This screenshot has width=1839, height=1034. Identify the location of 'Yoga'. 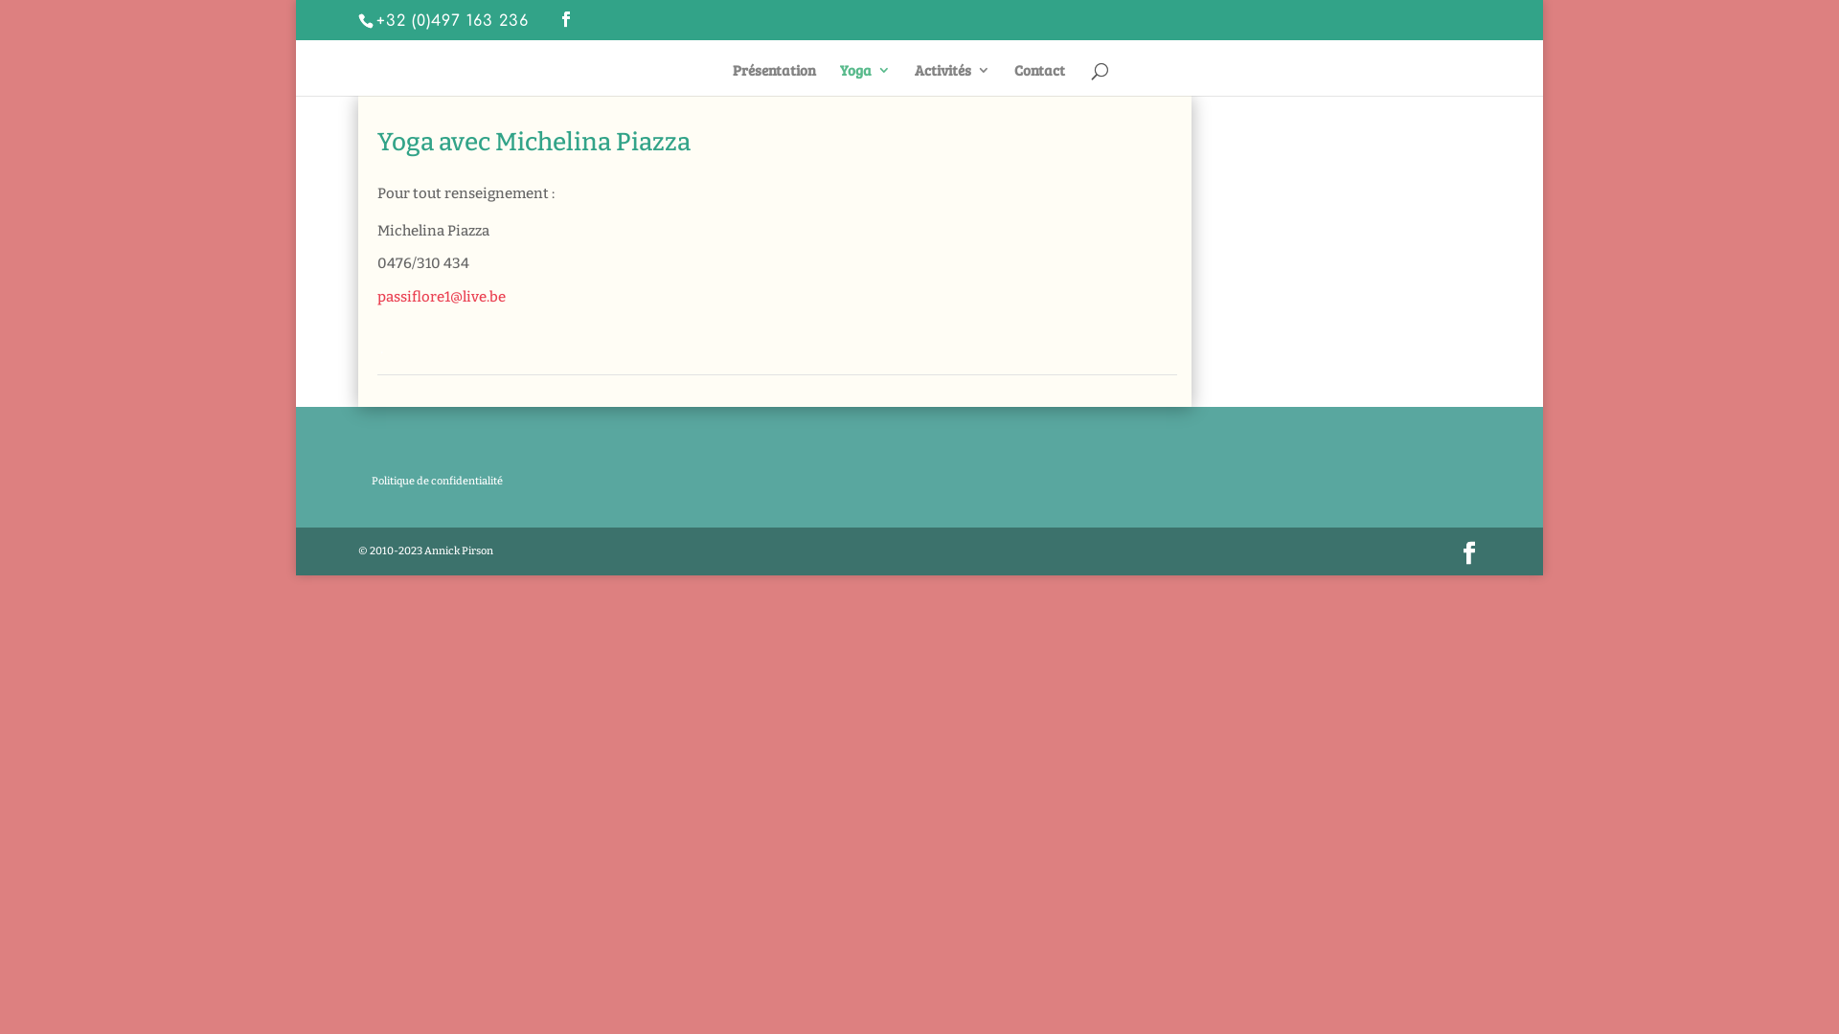
(864, 79).